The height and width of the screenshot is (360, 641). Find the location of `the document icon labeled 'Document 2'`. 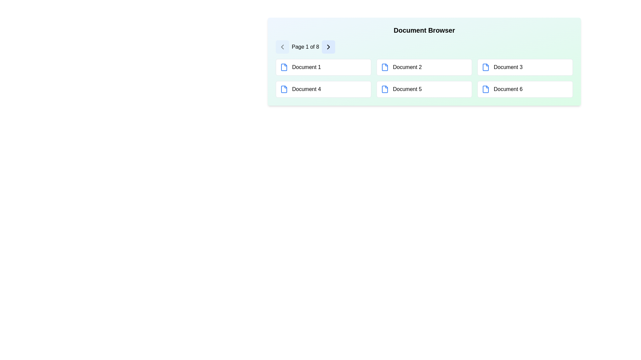

the document icon labeled 'Document 2' is located at coordinates (385, 67).